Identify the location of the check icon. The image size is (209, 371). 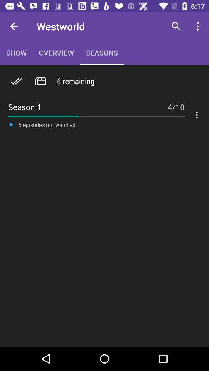
(16, 81).